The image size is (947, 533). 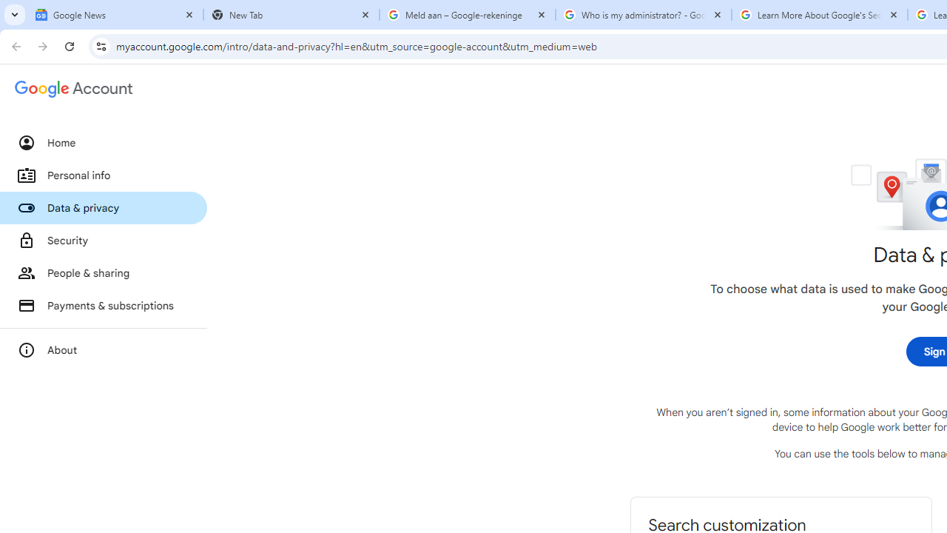 I want to click on 'Personal info', so click(x=103, y=175).